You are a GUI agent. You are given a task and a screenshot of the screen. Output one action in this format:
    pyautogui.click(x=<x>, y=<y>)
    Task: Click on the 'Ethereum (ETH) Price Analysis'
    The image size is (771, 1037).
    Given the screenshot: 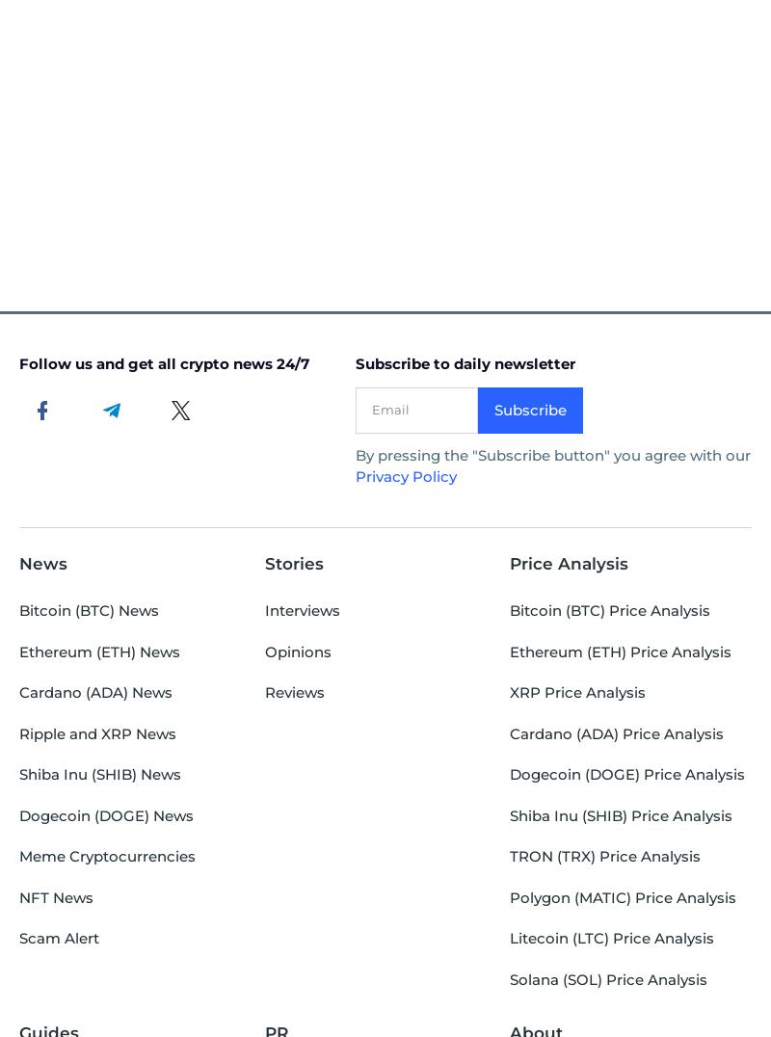 What is the action you would take?
    pyautogui.click(x=620, y=651)
    